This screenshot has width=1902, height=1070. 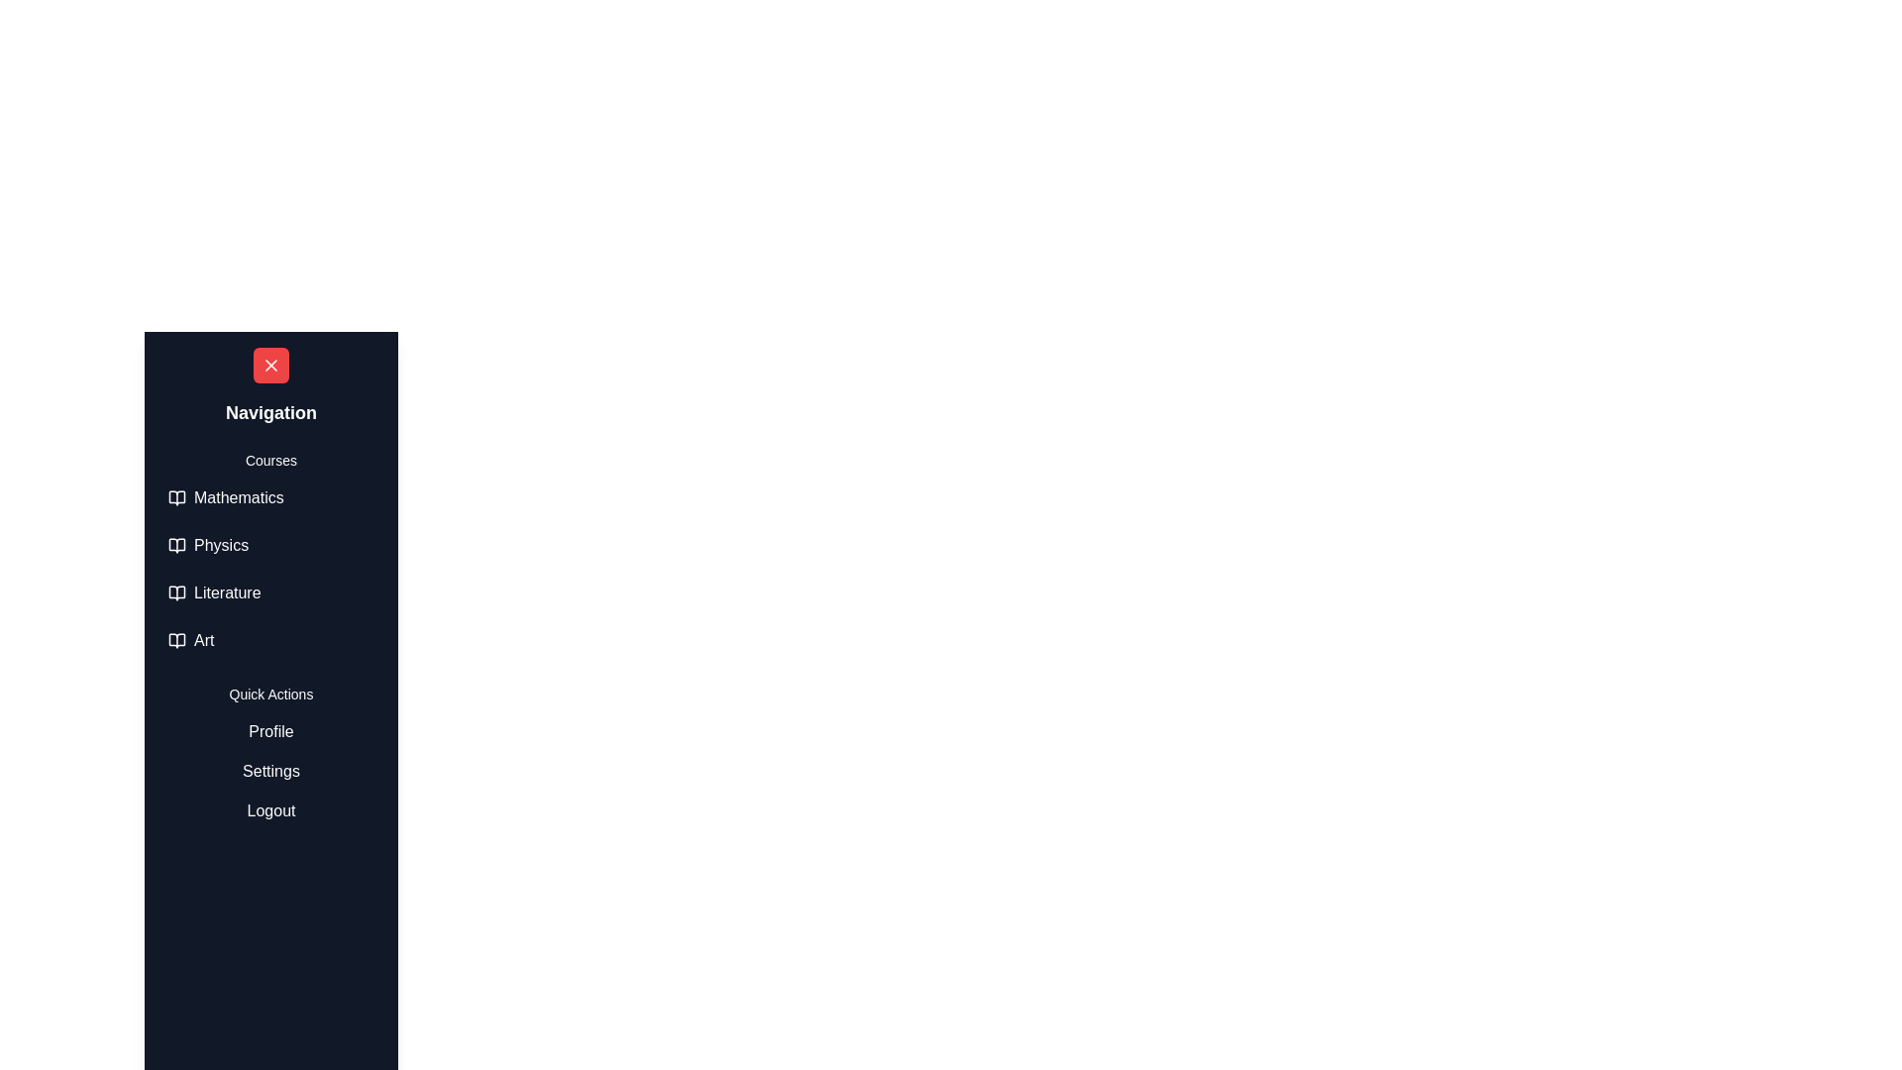 What do you see at coordinates (269, 771) in the screenshot?
I see `the 'Settings' text button in the 'Quick Actions' section of the sidebar` at bounding box center [269, 771].